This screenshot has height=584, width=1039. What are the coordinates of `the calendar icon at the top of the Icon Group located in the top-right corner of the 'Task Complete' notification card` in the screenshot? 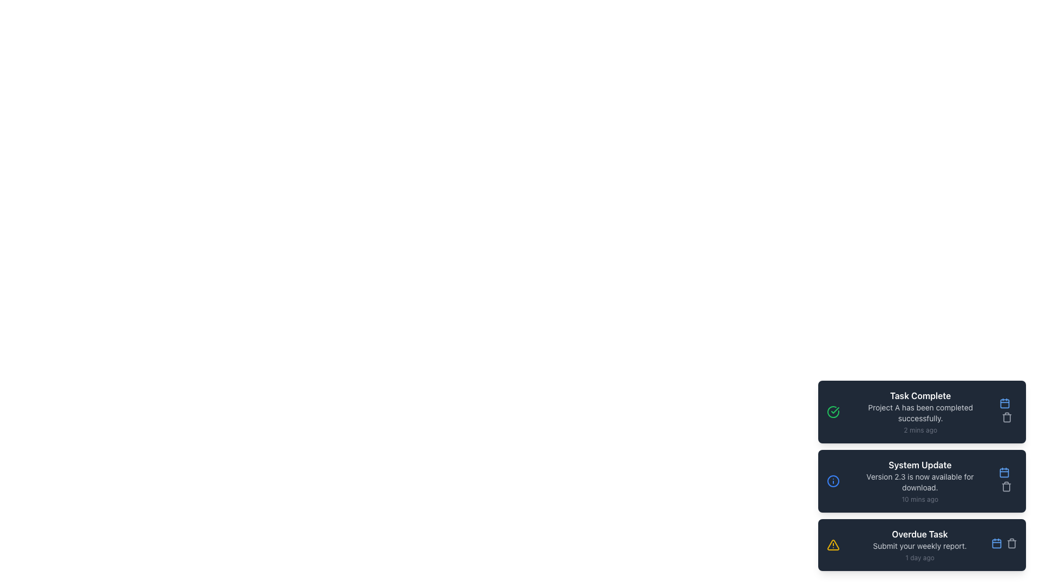 It's located at (1004, 412).